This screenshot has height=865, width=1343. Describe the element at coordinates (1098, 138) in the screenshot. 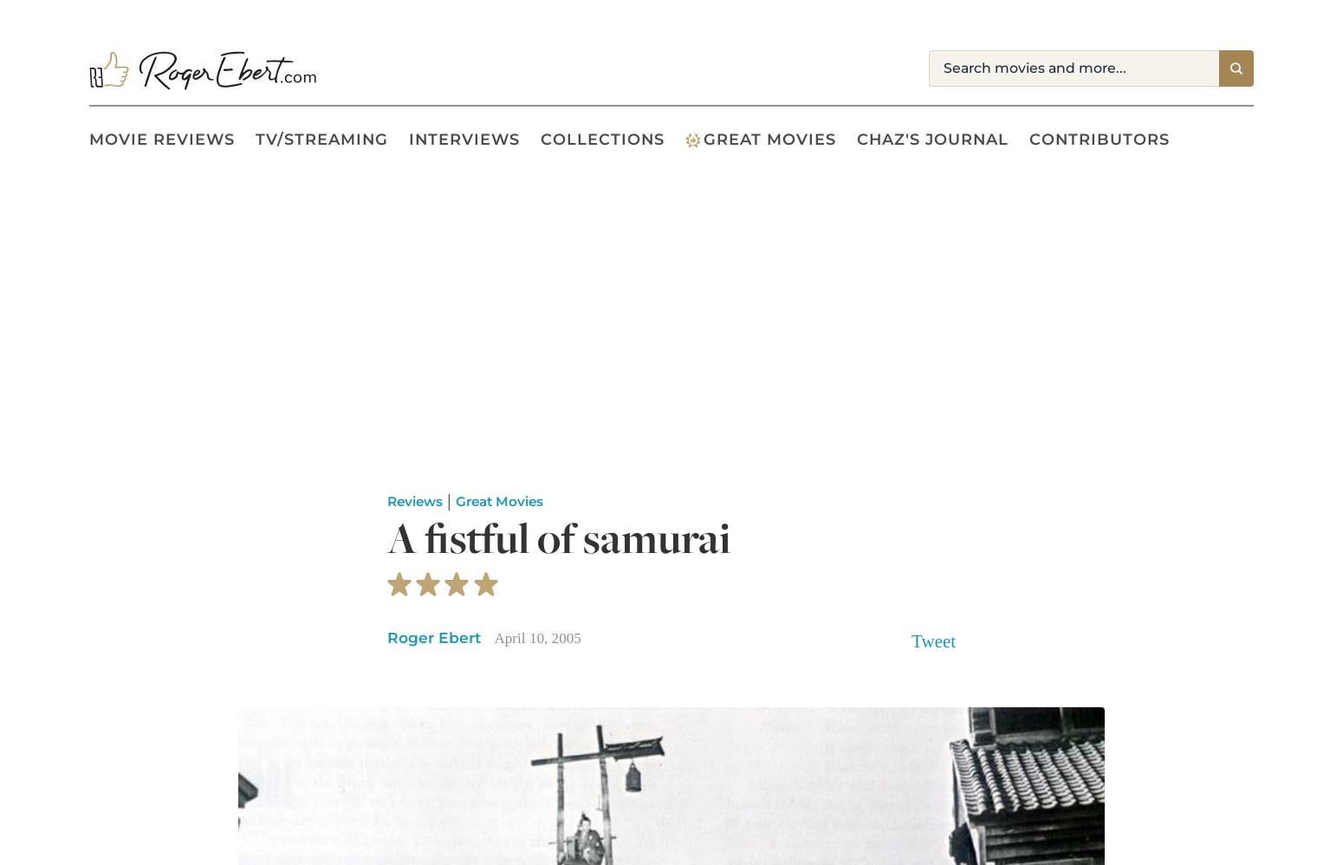

I see `'Contributors'` at that location.